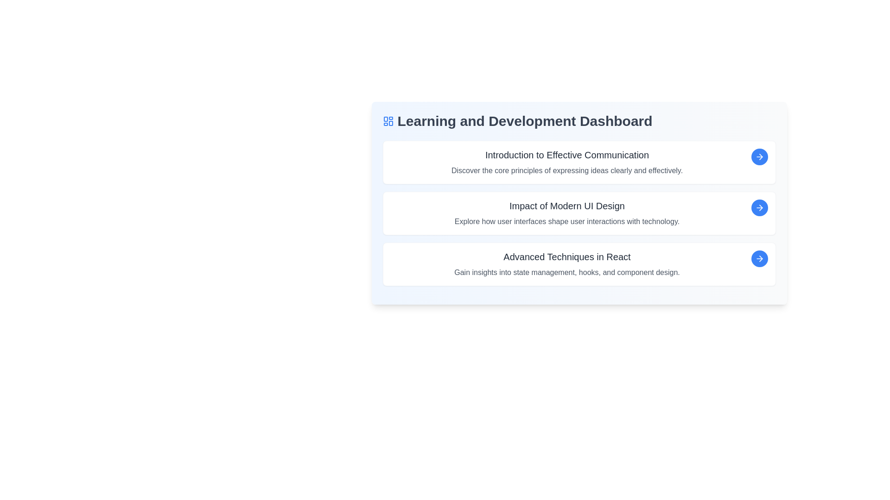 This screenshot has width=890, height=500. Describe the element at coordinates (759, 207) in the screenshot. I see `the circular button with a bright blue background and a white arrow icon` at that location.